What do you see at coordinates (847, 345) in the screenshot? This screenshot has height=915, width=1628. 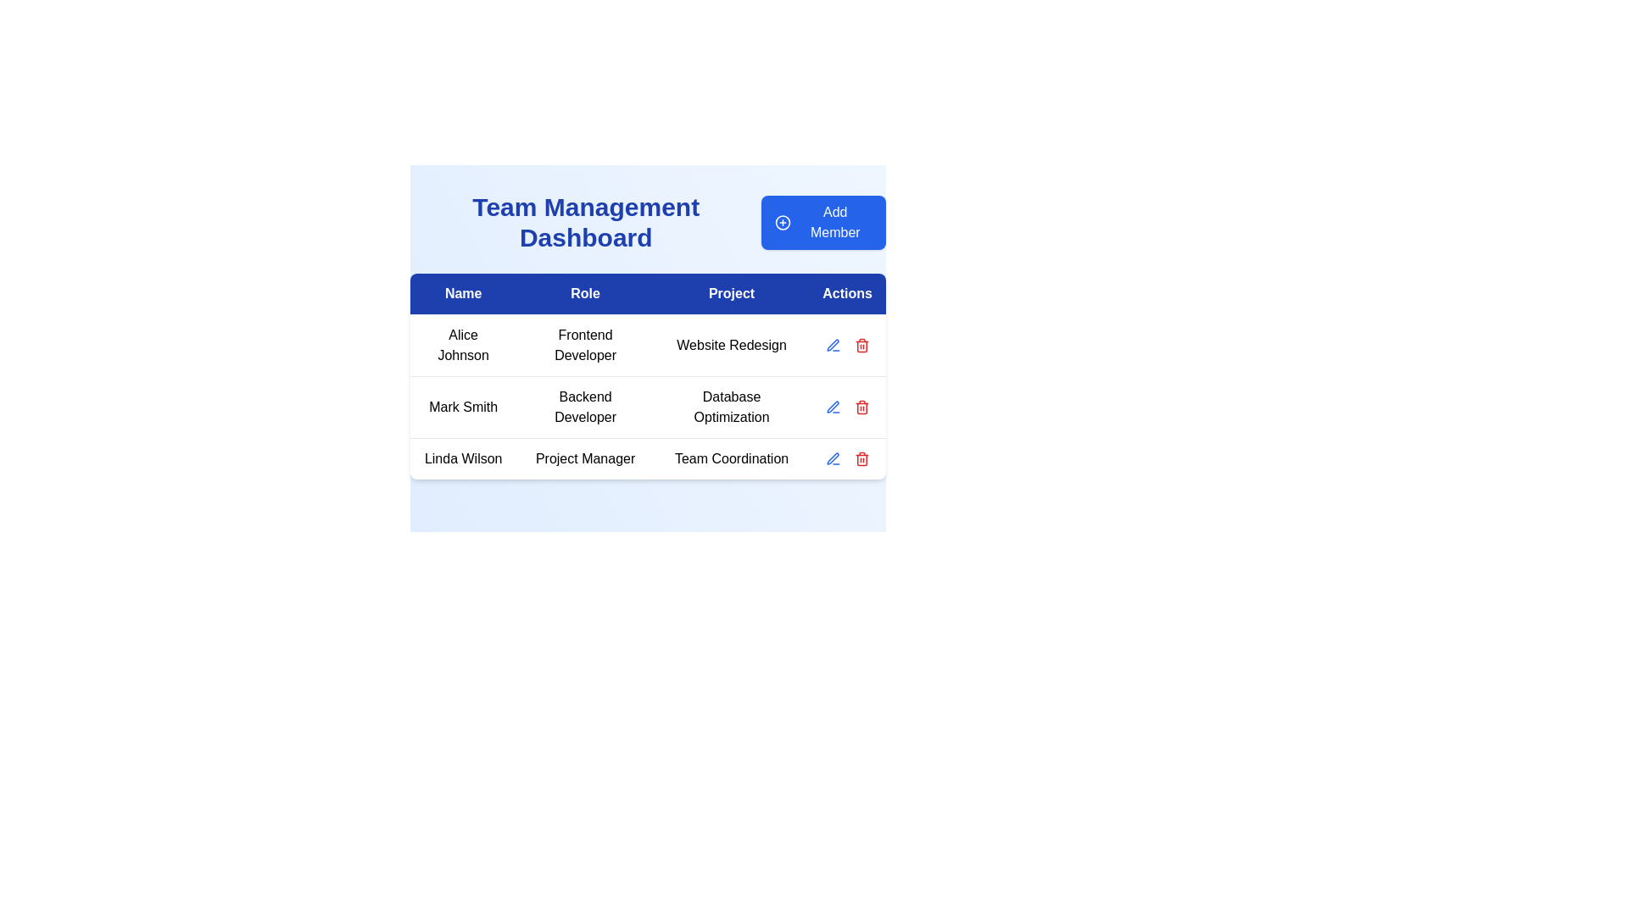 I see `the red trash can icon in the control panel for 'Alice Johnson'` at bounding box center [847, 345].